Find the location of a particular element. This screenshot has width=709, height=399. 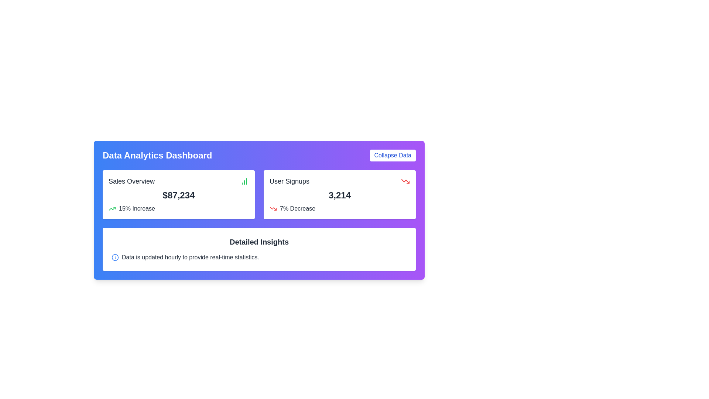

the toggle button located in the top-right corner of the dashboard interface is located at coordinates (392, 155).